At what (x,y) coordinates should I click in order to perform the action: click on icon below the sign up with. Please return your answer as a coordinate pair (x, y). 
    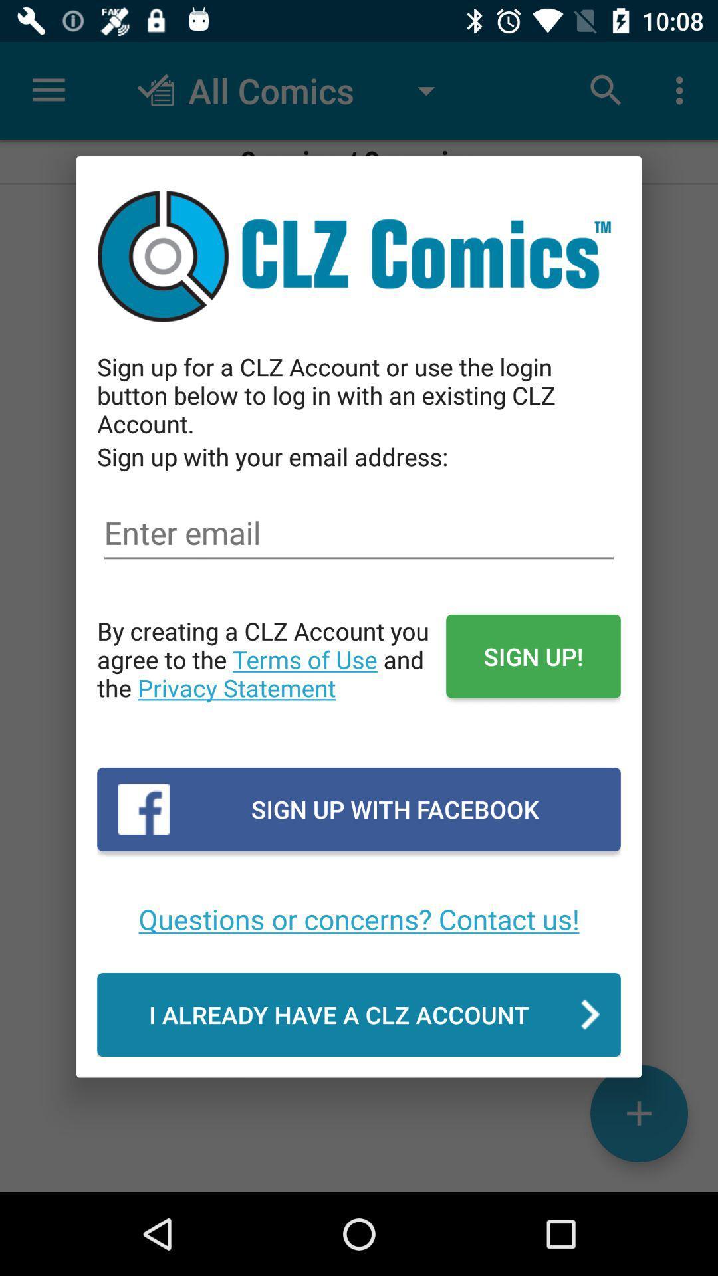
    Looking at the image, I should click on (359, 533).